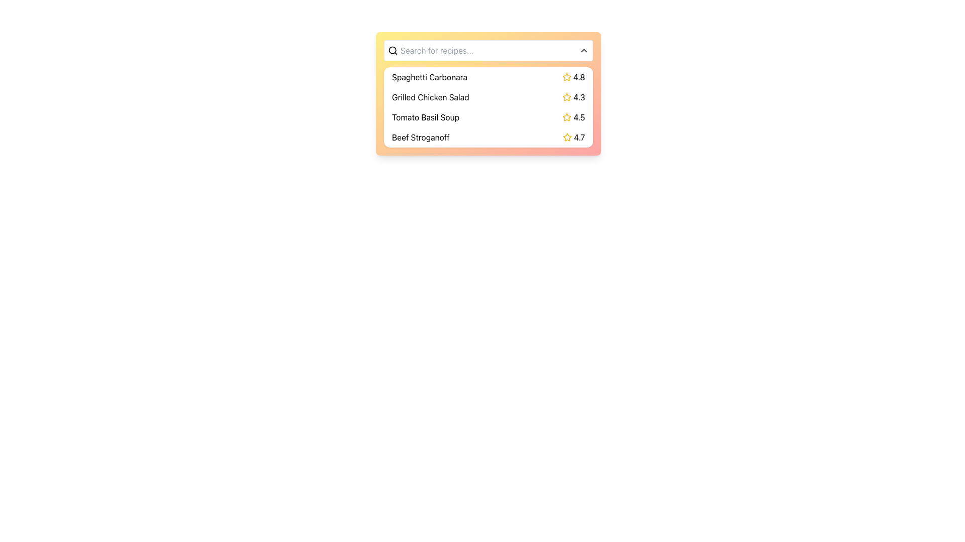 The height and width of the screenshot is (542, 965). What do you see at coordinates (574, 137) in the screenshot?
I see `the text display showing the rating '4.7' for 'Beef Stroganoff', which is located on the right side of the item in the list box` at bounding box center [574, 137].